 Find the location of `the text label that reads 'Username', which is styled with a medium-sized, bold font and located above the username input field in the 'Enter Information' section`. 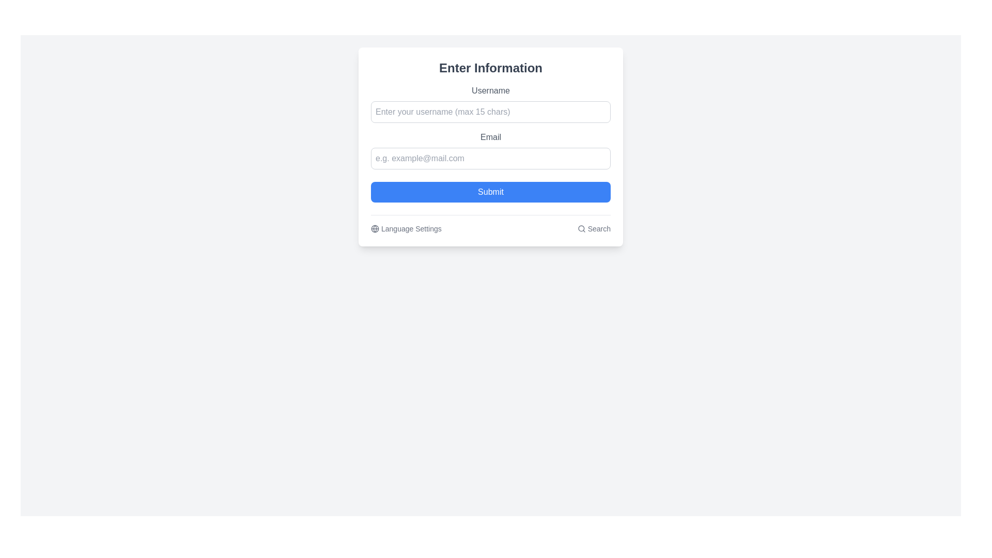

the text label that reads 'Username', which is styled with a medium-sized, bold font and located above the username input field in the 'Enter Information' section is located at coordinates (490, 90).